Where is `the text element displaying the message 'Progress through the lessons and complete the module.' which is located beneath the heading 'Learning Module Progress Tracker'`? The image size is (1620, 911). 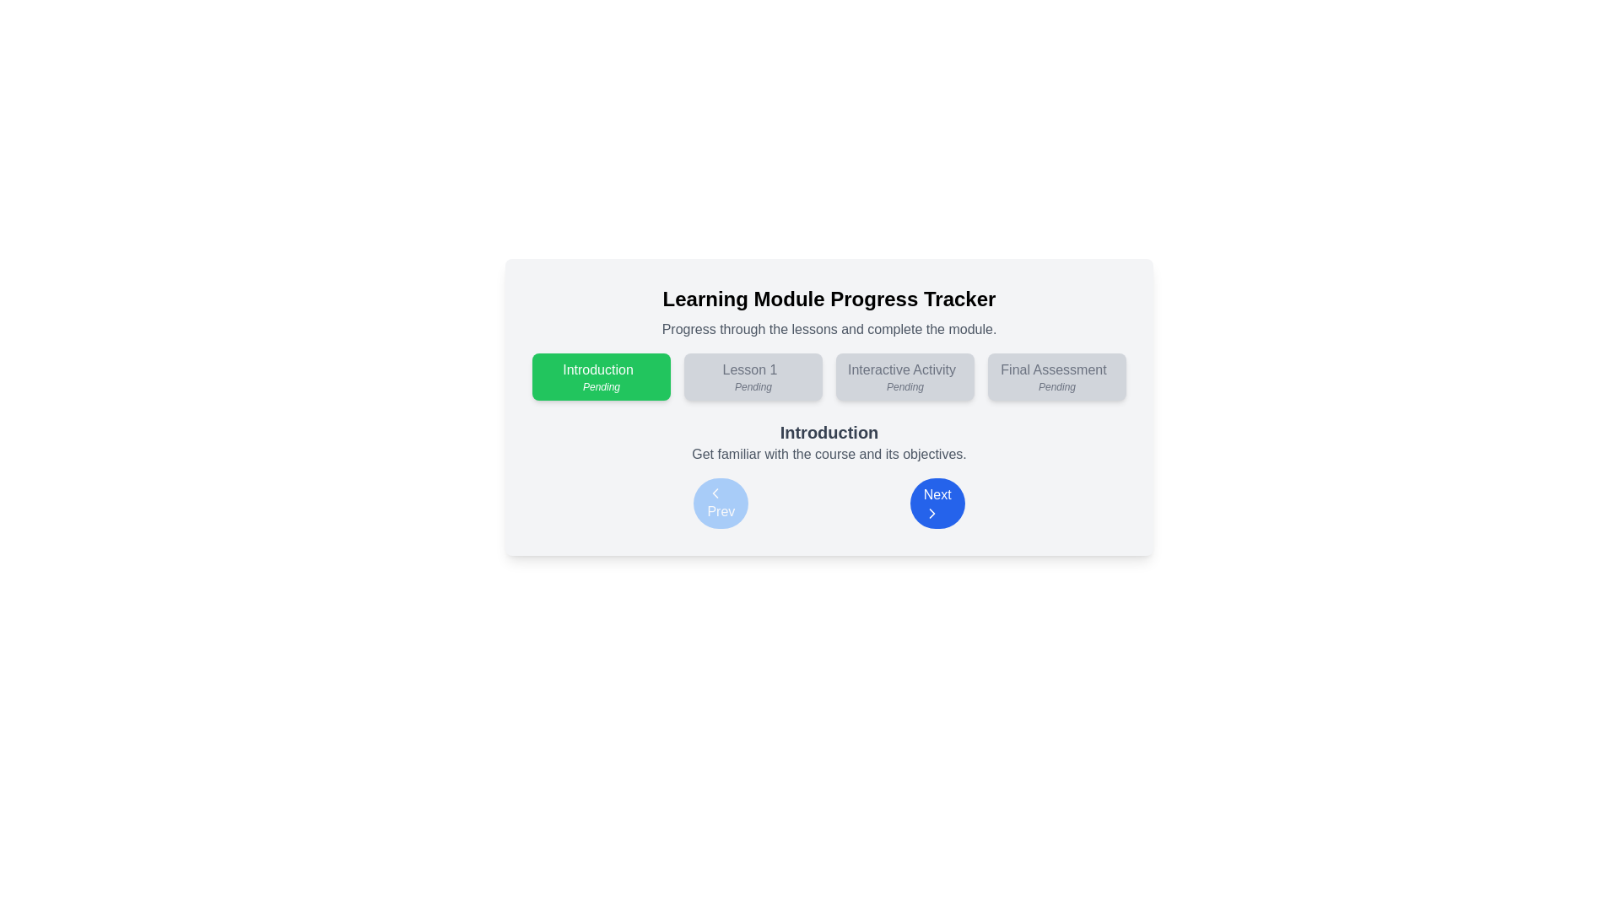
the text element displaying the message 'Progress through the lessons and complete the module.' which is located beneath the heading 'Learning Module Progress Tracker' is located at coordinates (829, 329).